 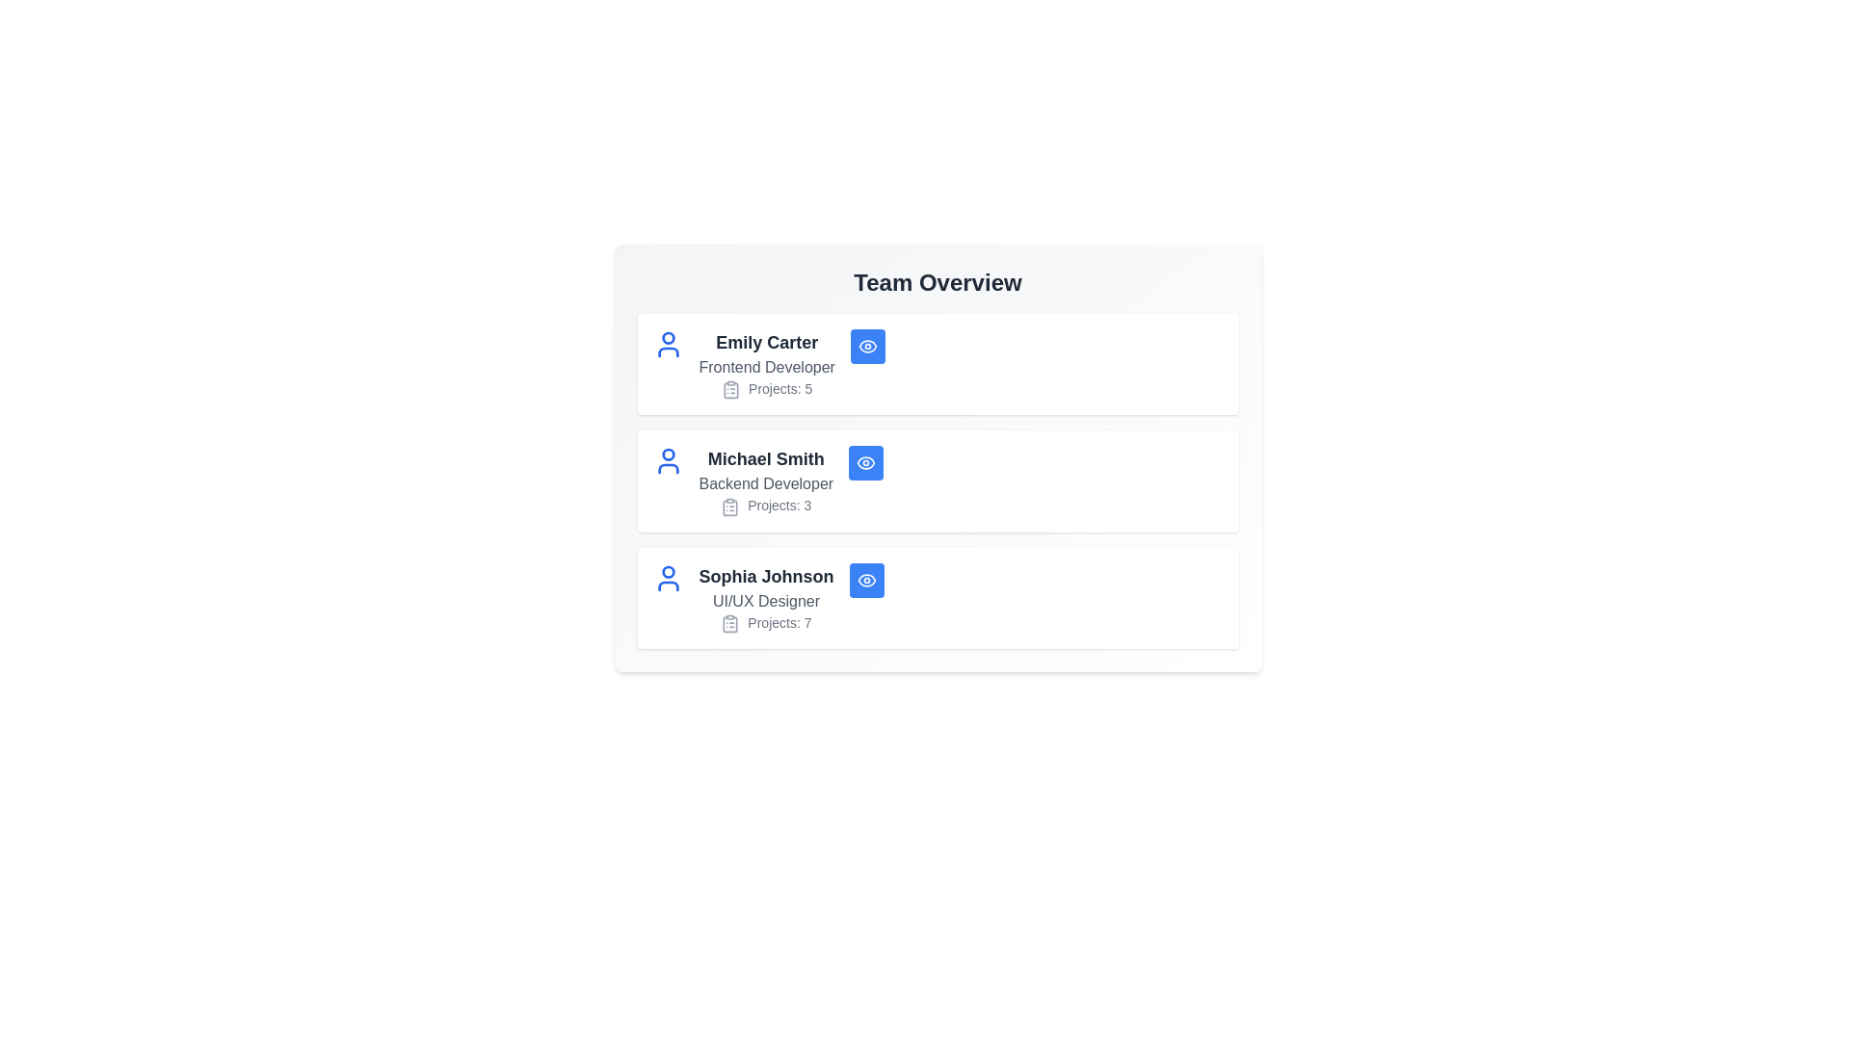 I want to click on the icon representing a team member identified by Michael Smith, so click(x=668, y=461).